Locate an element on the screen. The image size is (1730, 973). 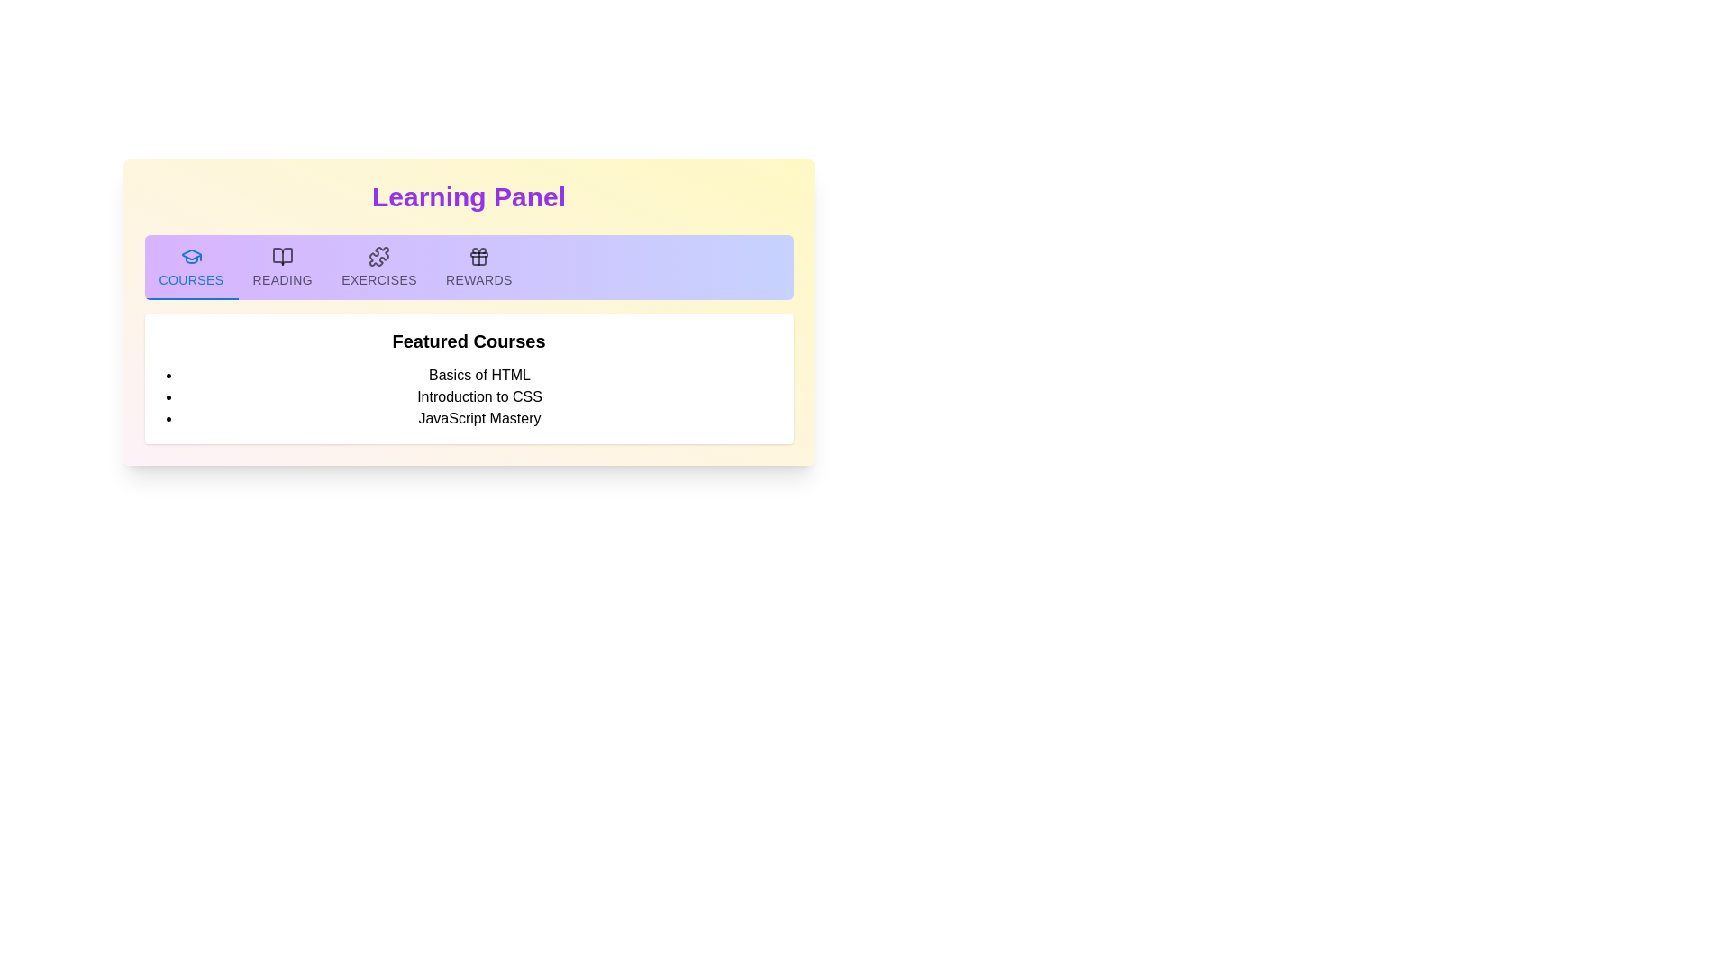
the Header text element displaying 'Learning Panel', which is centrally positioned in a bold purple font at the top of the section is located at coordinates (469, 197).